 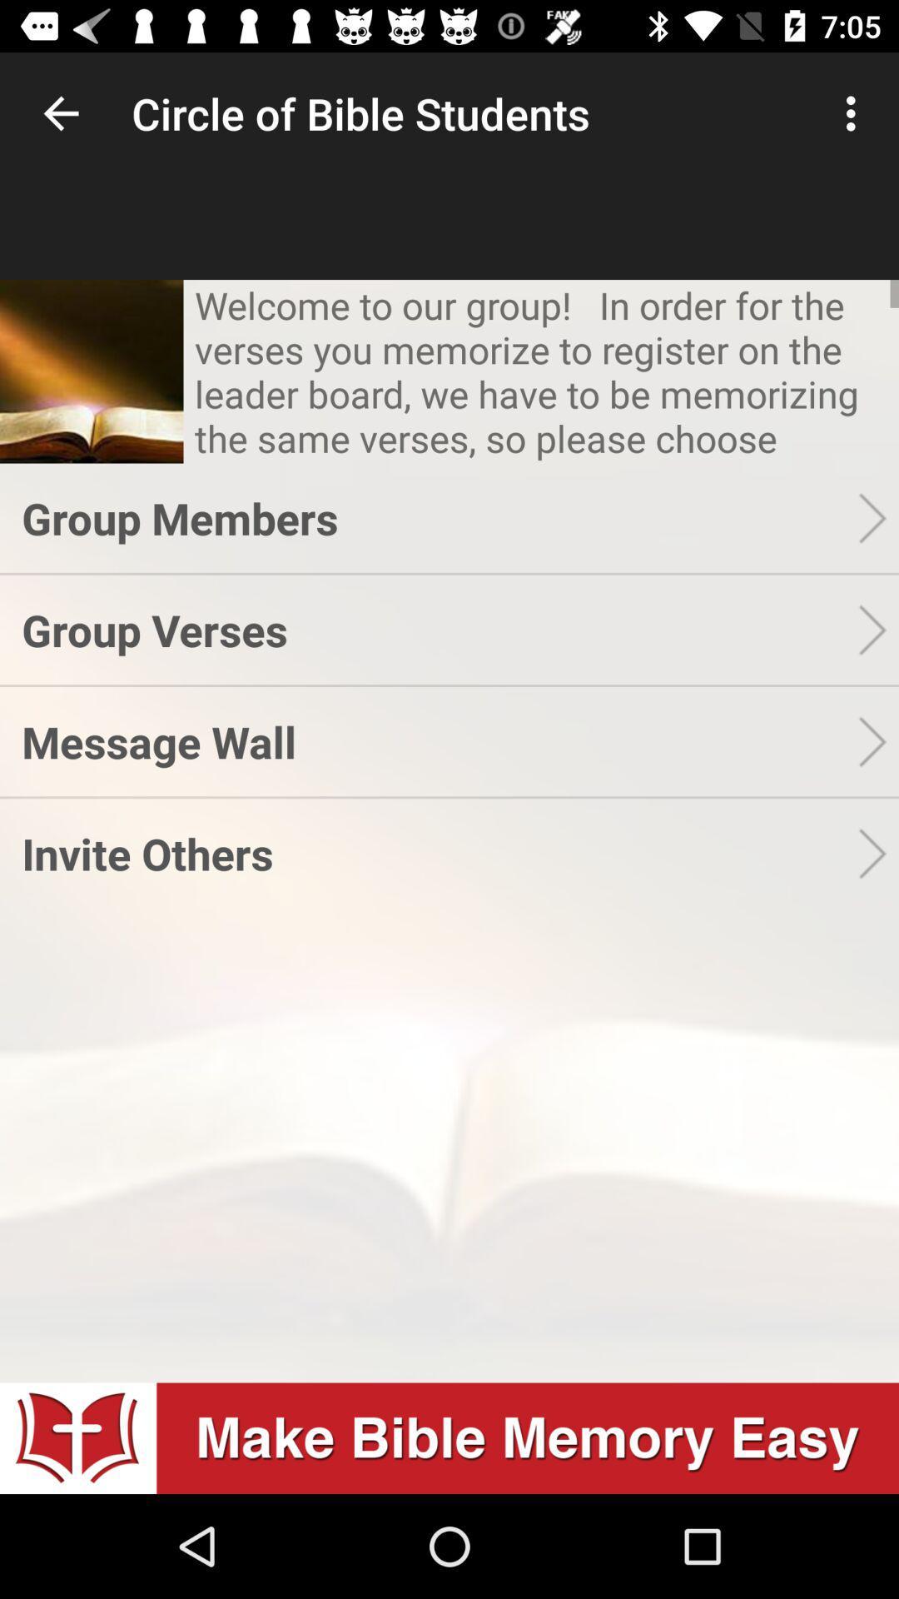 What do you see at coordinates (855, 112) in the screenshot?
I see `app to the right of the circle of bible item` at bounding box center [855, 112].